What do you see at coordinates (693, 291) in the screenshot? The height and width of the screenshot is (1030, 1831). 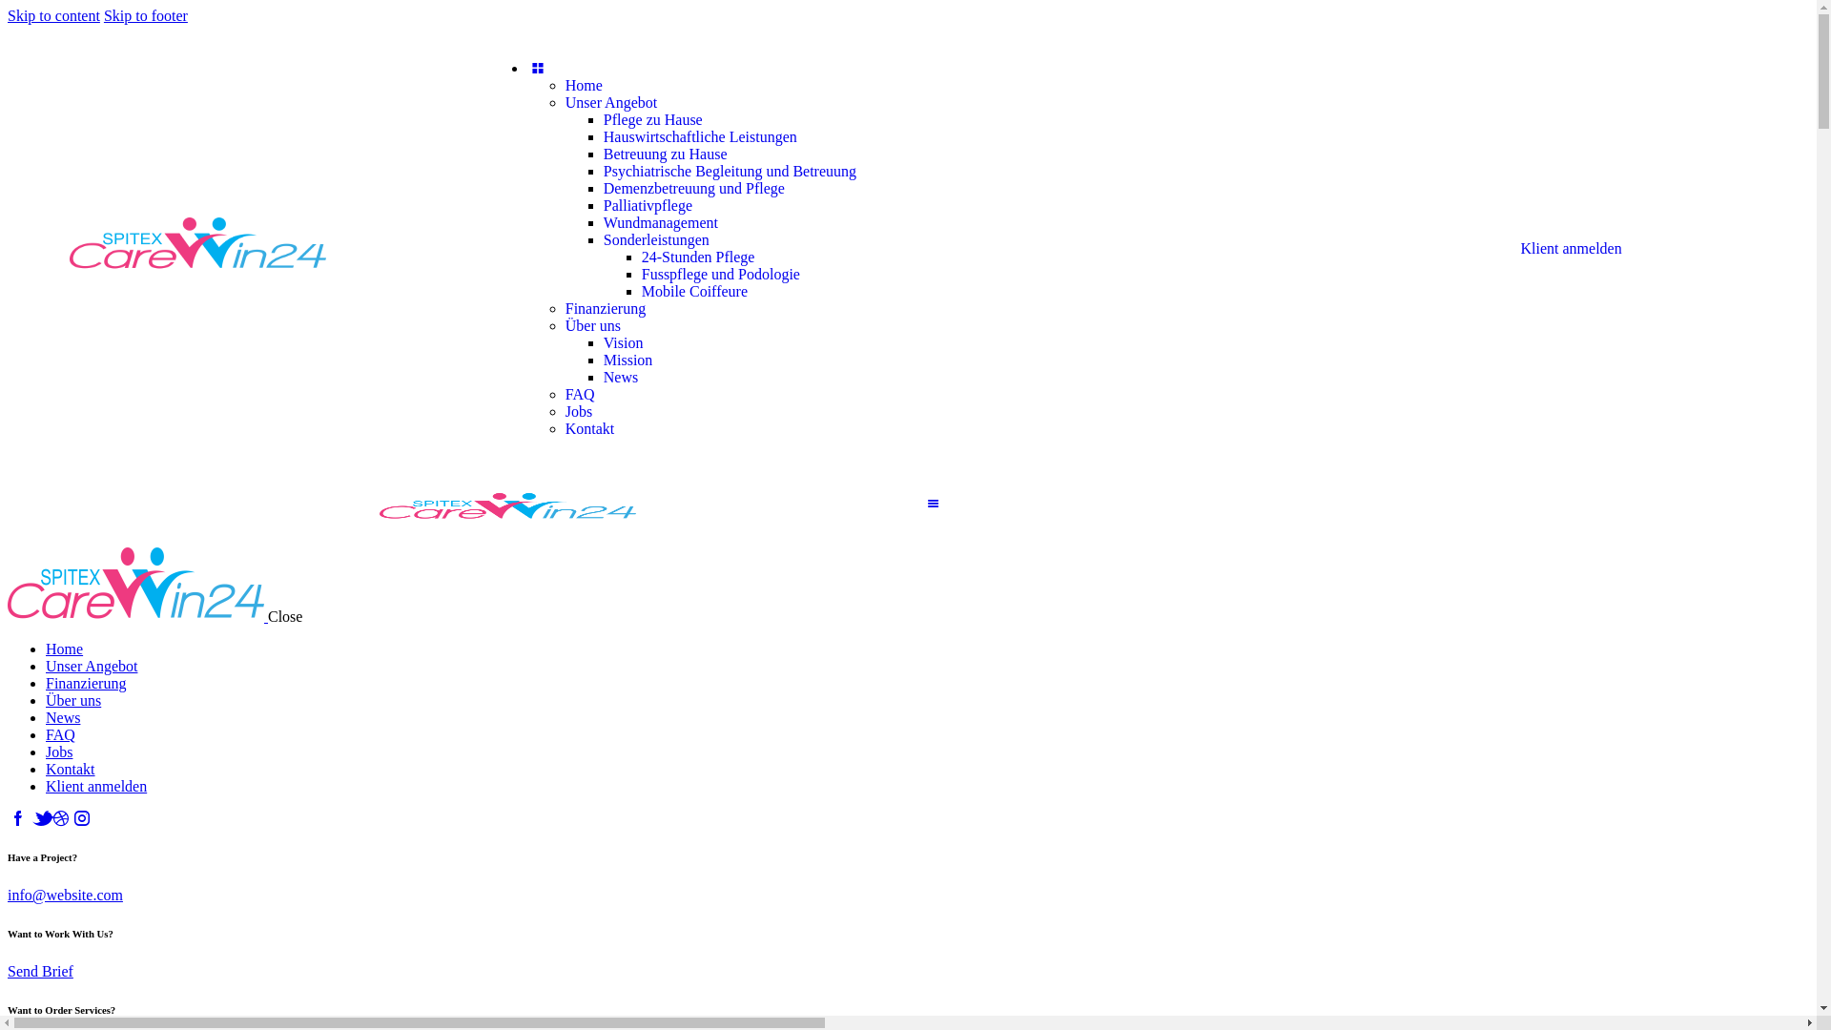 I see `'Mobile Coiffeure'` at bounding box center [693, 291].